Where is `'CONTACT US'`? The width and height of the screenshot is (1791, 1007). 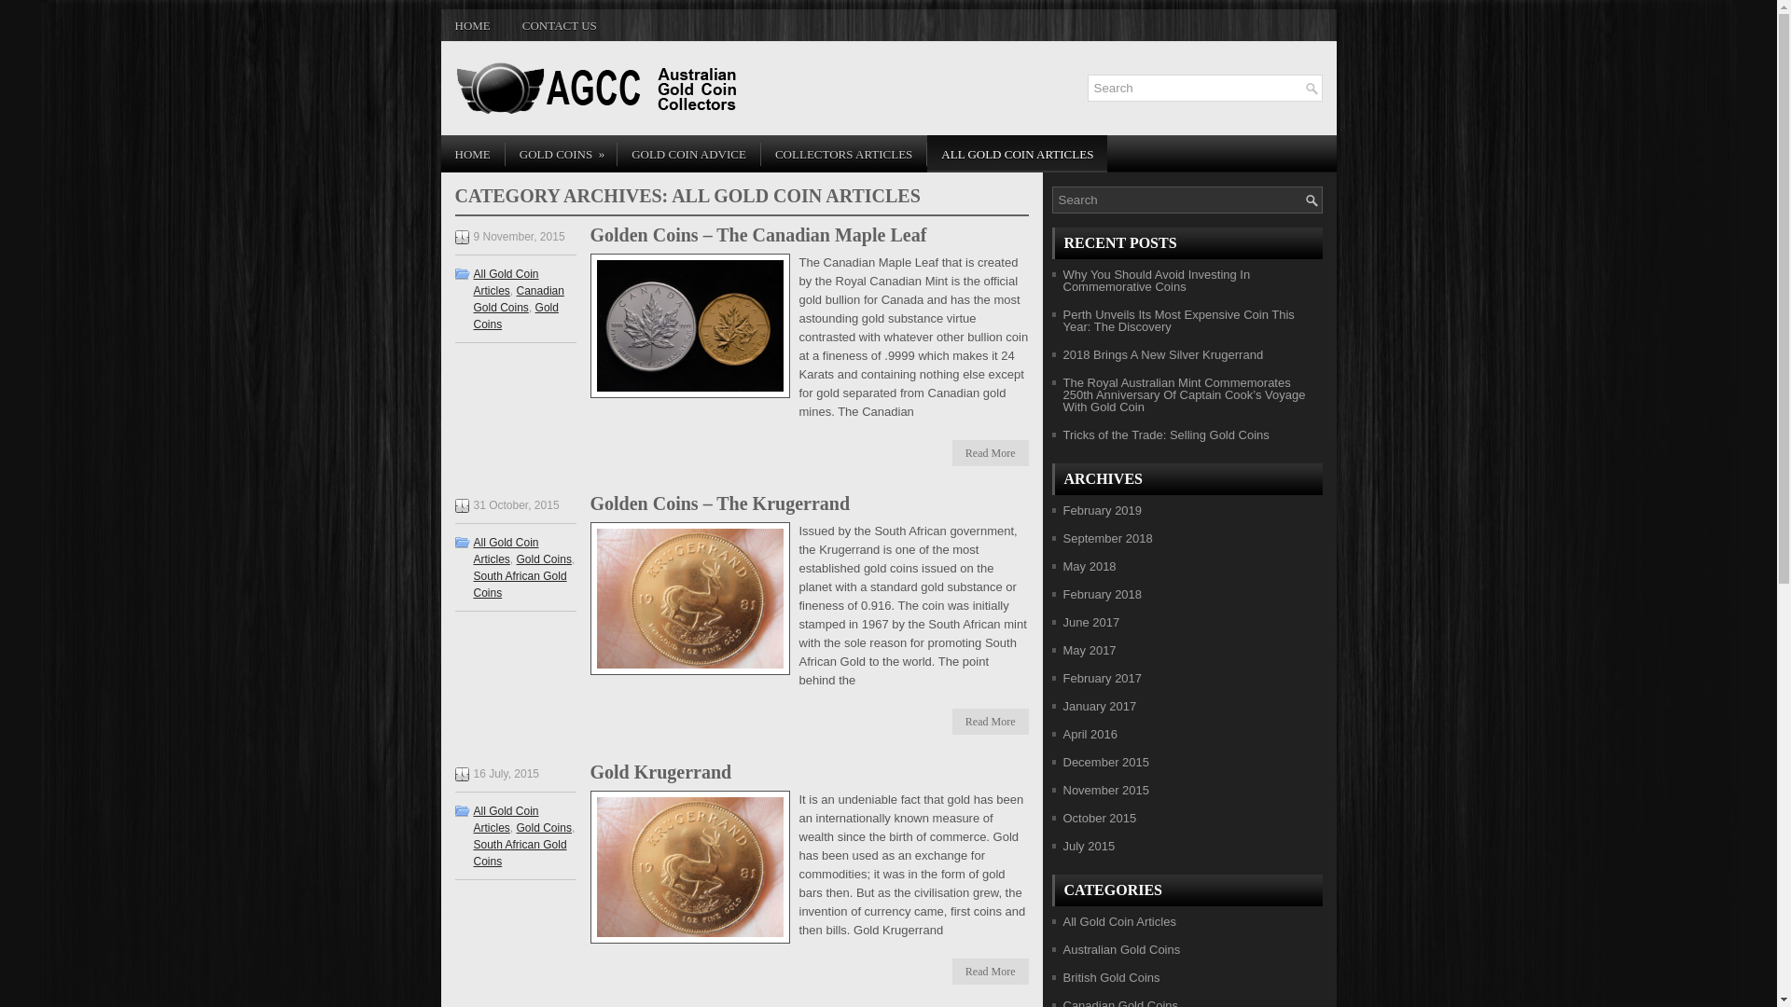 'CONTACT US' is located at coordinates (559, 25).